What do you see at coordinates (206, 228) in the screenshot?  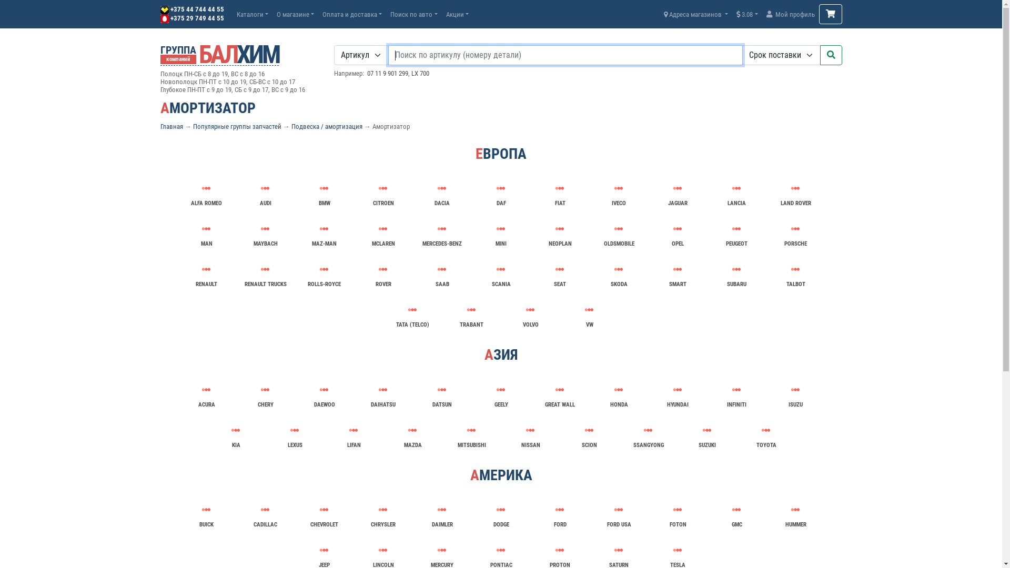 I see `'MAN'` at bounding box center [206, 228].